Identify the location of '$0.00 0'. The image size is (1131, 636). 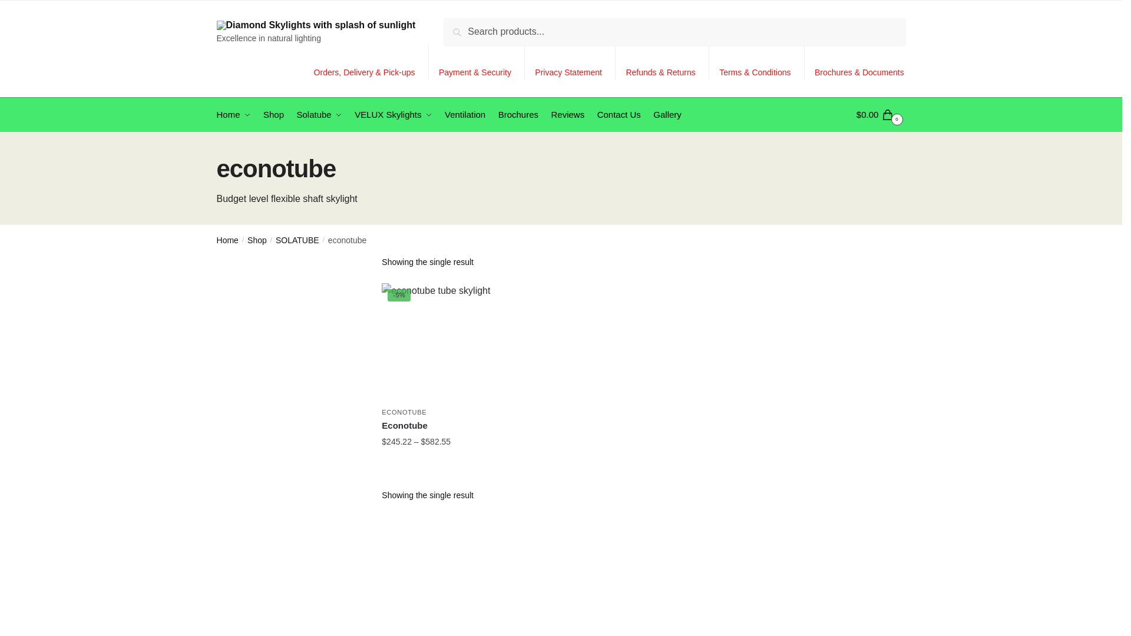
(856, 115).